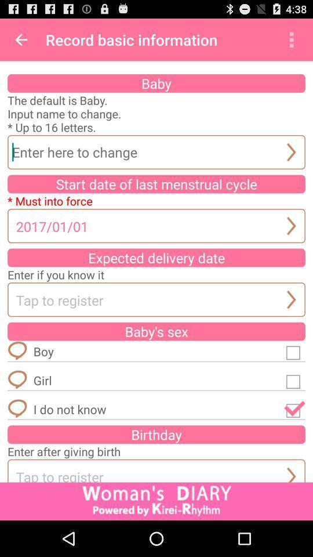  What do you see at coordinates (294, 379) in the screenshot?
I see `option` at bounding box center [294, 379].